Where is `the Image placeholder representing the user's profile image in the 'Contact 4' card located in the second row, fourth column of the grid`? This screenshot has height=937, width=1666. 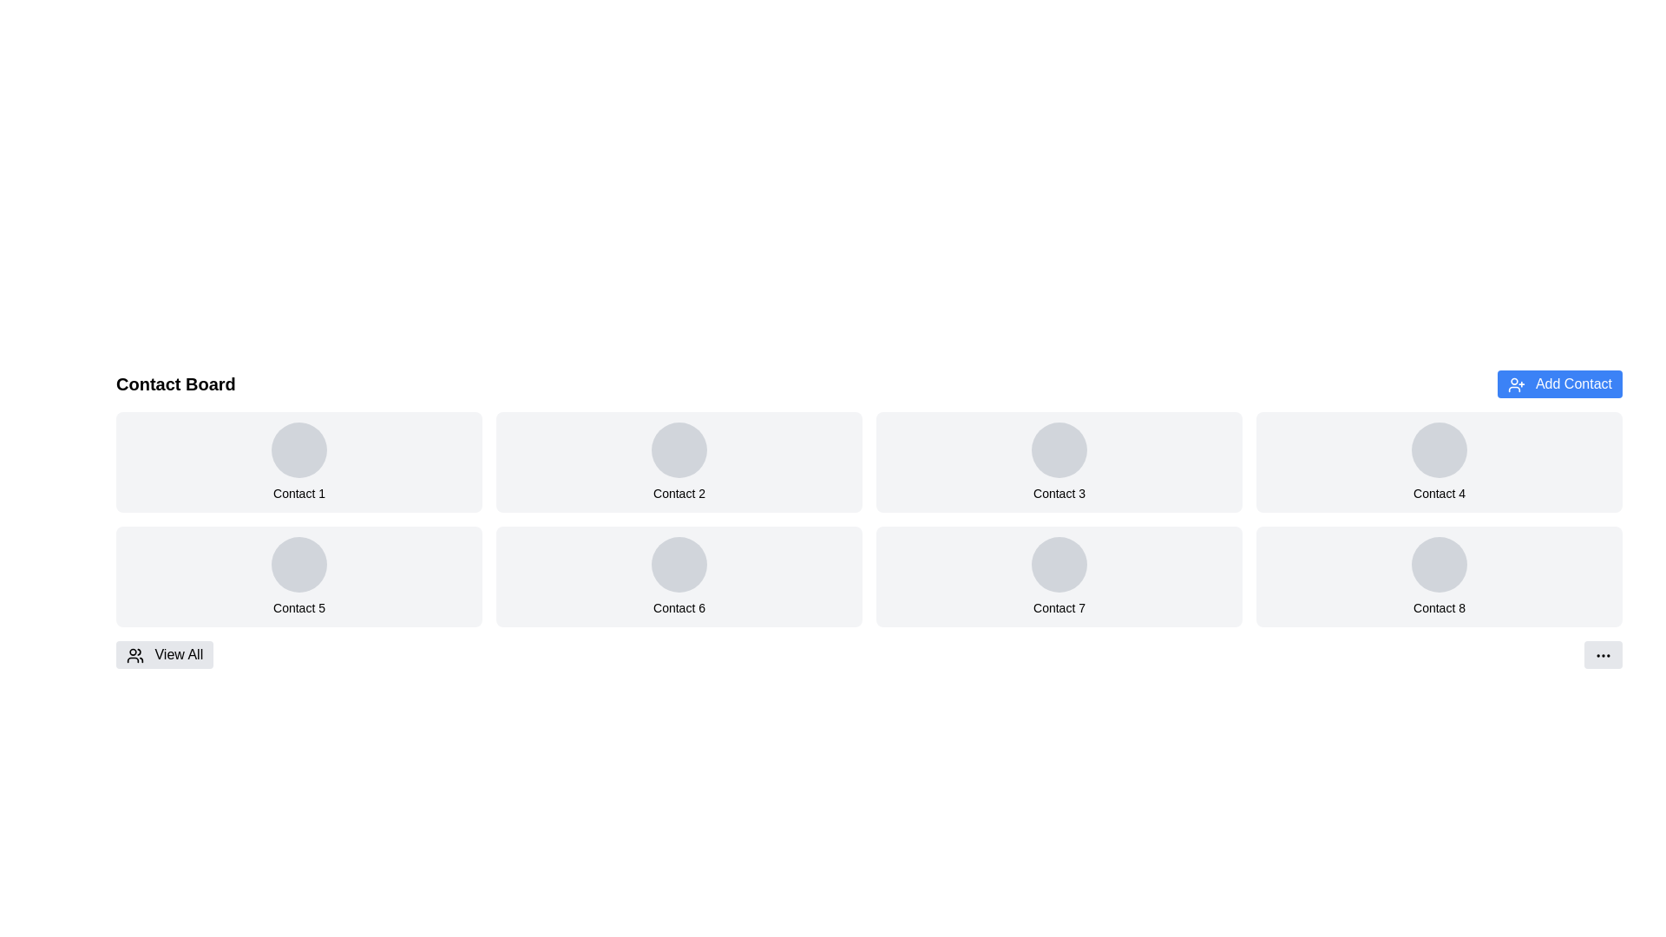 the Image placeholder representing the user's profile image in the 'Contact 4' card located in the second row, fourth column of the grid is located at coordinates (1440, 449).